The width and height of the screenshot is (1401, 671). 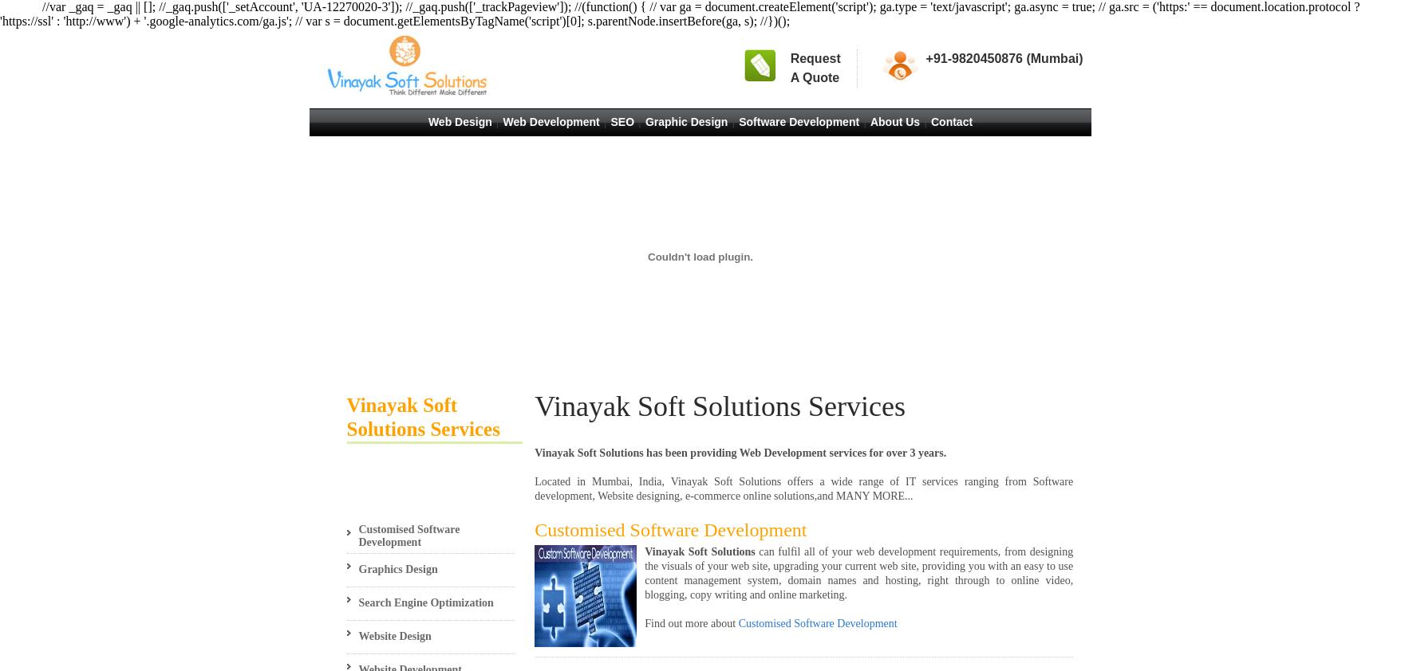 I want to click on 'Website Maintenance', so click(x=367, y=139).